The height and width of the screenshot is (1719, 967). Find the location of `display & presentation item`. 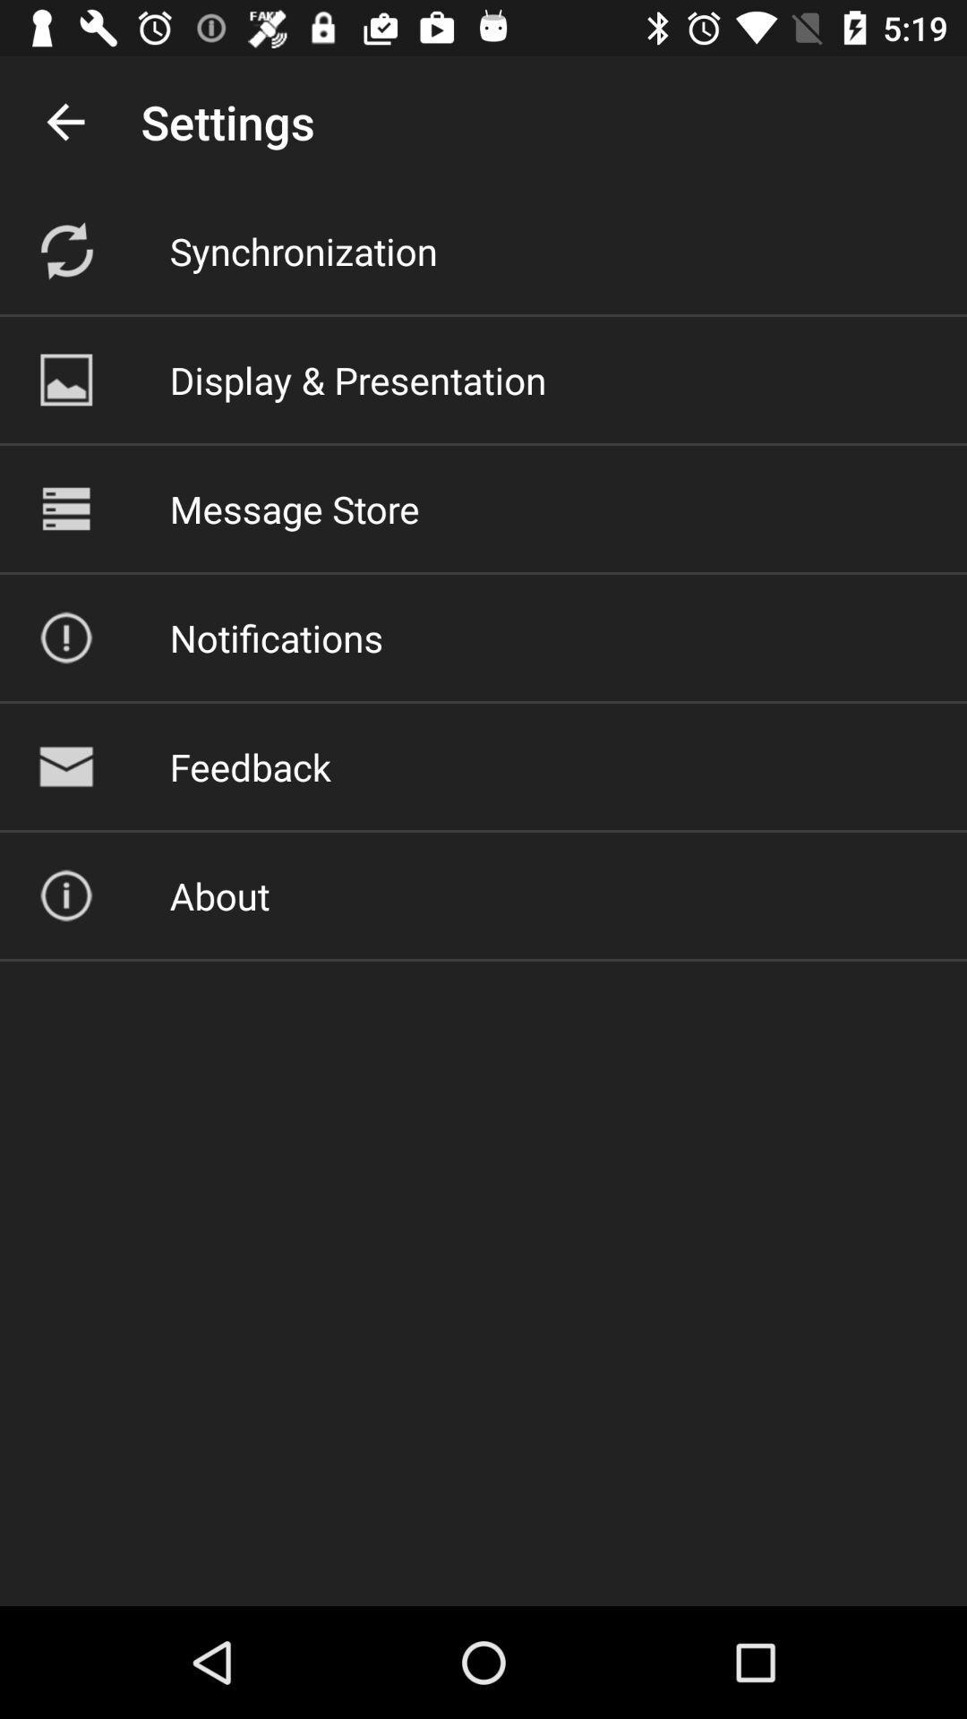

display & presentation item is located at coordinates (358, 379).